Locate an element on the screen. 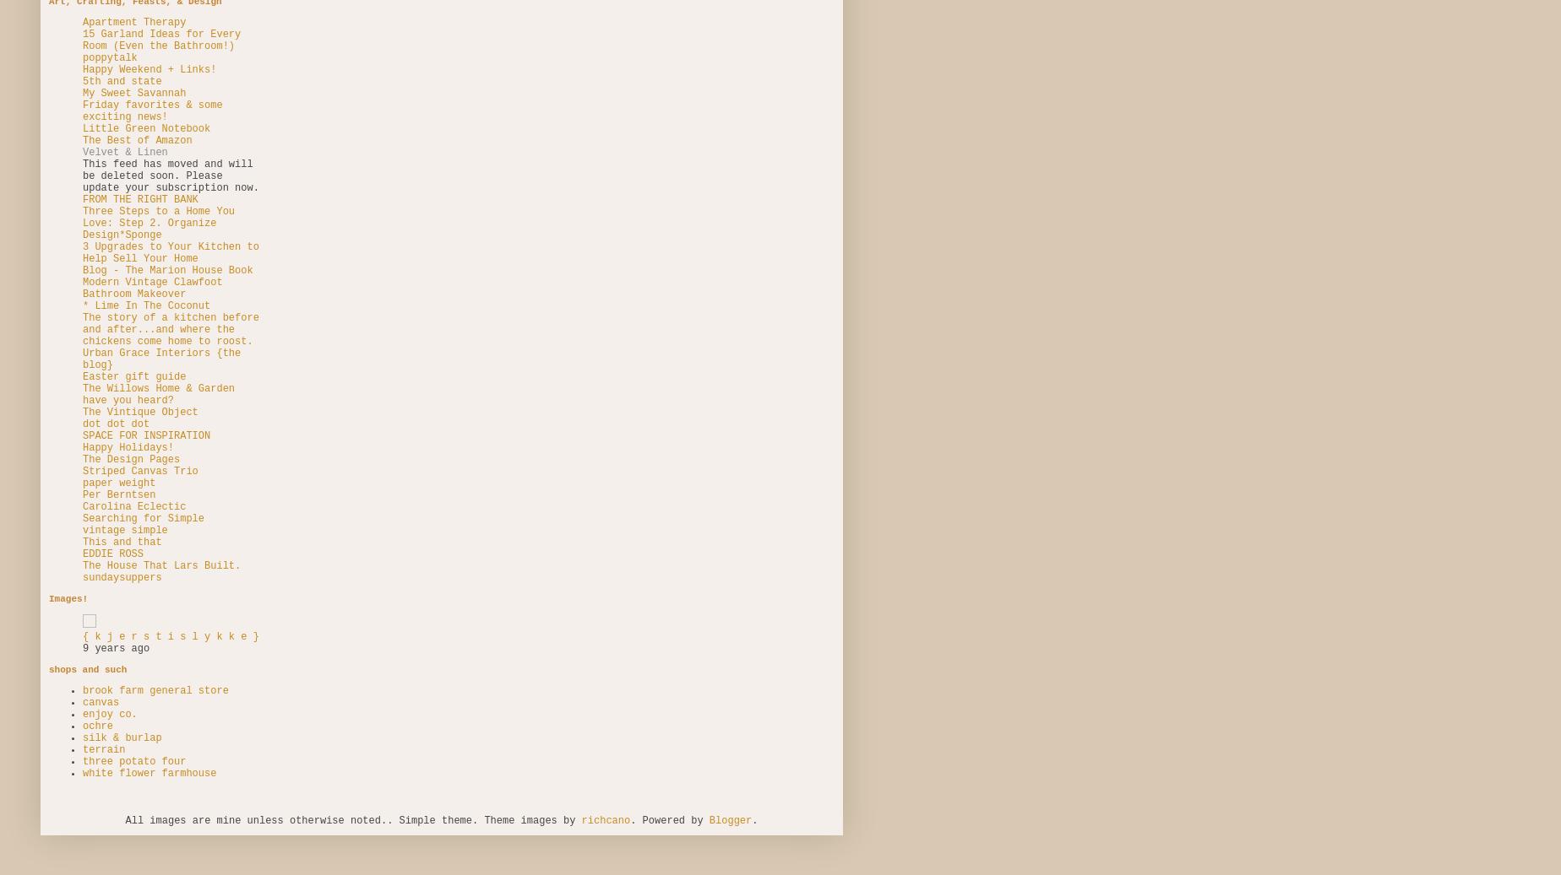 Image resolution: width=1561 pixels, height=875 pixels. 'Blog - The Marion House Book' is located at coordinates (167, 269).